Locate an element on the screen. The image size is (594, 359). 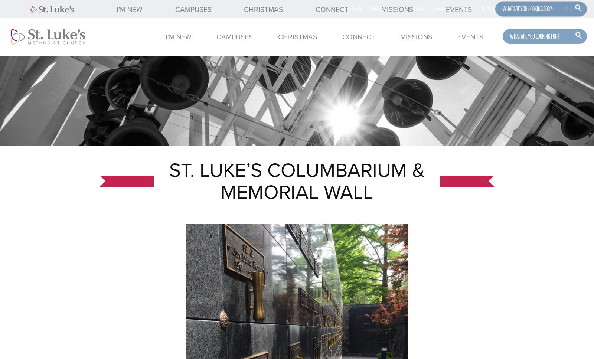
'Online Campus' is located at coordinates (349, 42).